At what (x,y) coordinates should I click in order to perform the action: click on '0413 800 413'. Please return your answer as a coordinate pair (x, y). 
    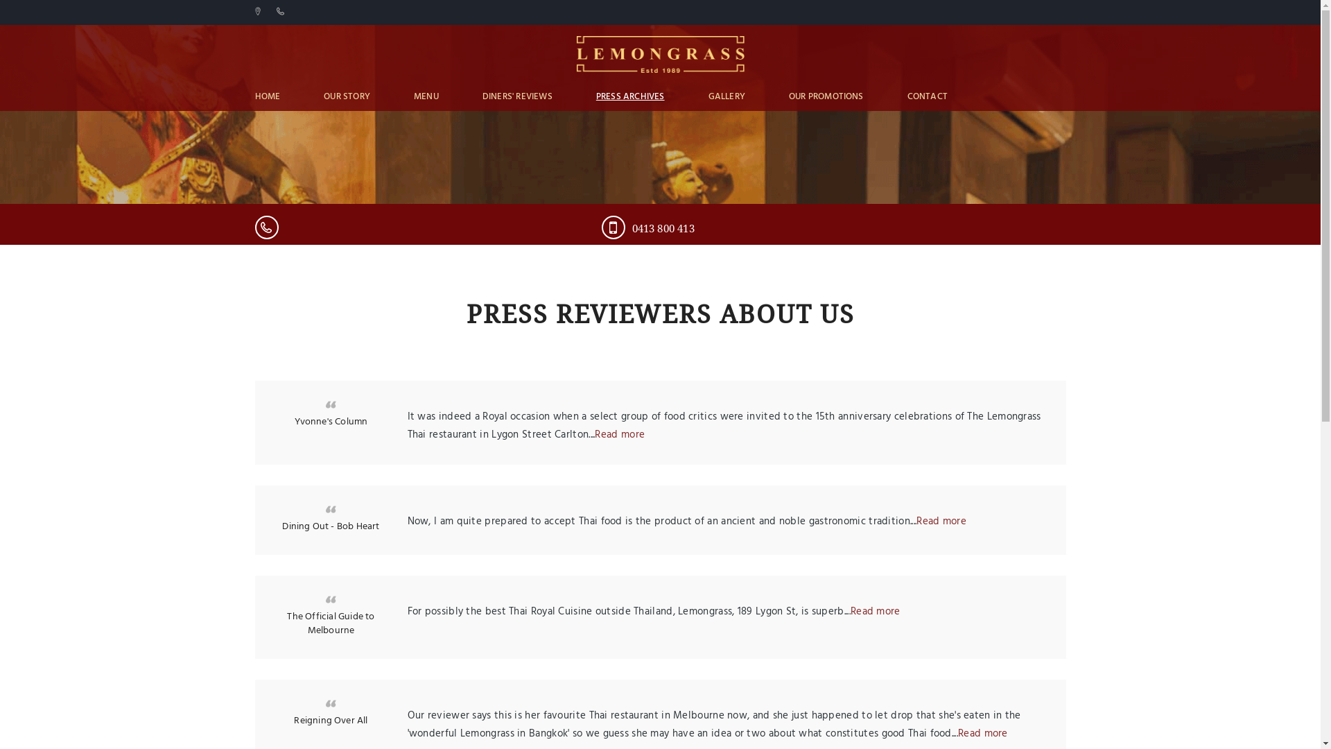
    Looking at the image, I should click on (729, 228).